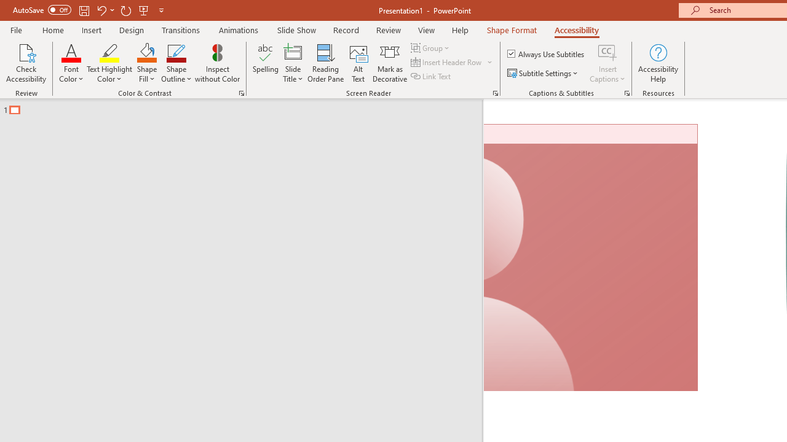  Describe the element at coordinates (176, 63) in the screenshot. I see `'Shape Outline'` at that location.